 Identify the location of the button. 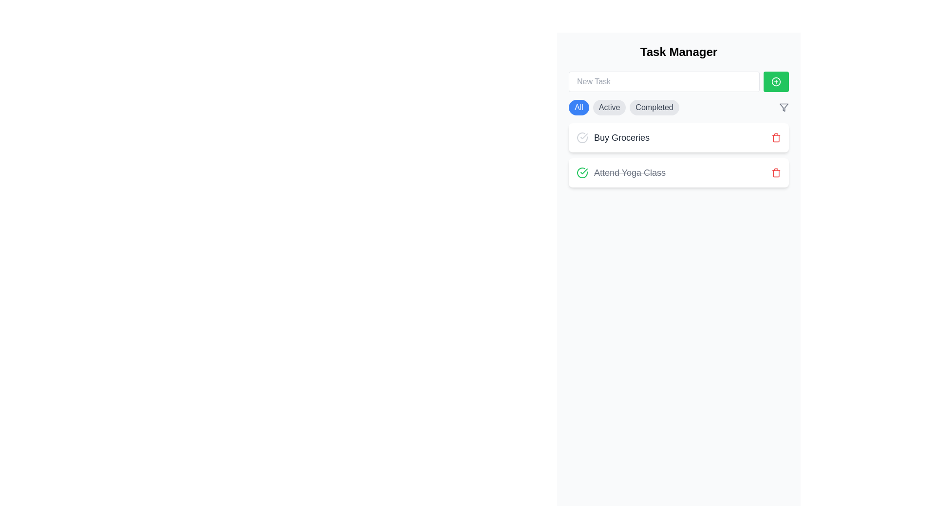
(775, 81).